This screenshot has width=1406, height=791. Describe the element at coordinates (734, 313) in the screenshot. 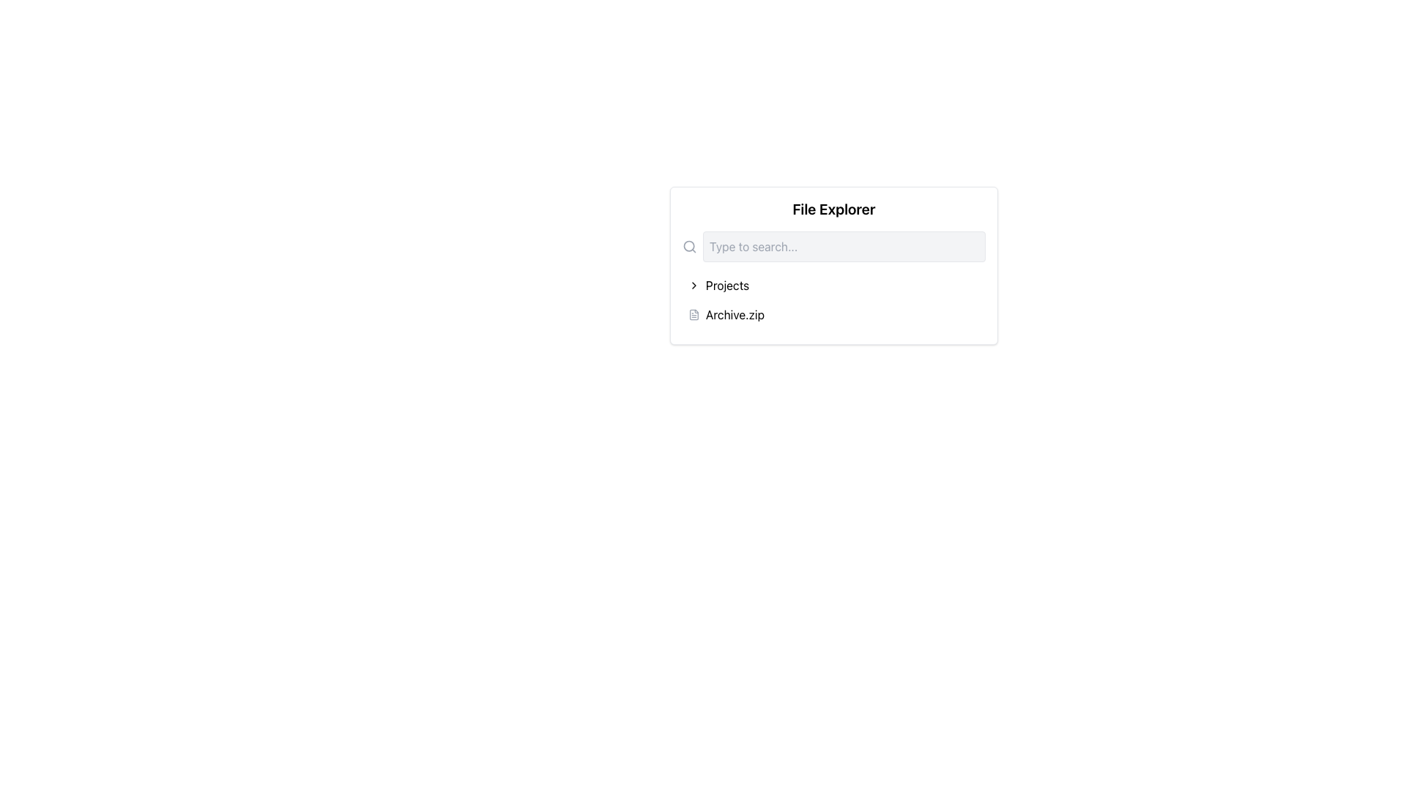

I see `the static text label representing the file named 'Archive.zip' in the file explorer section` at that location.